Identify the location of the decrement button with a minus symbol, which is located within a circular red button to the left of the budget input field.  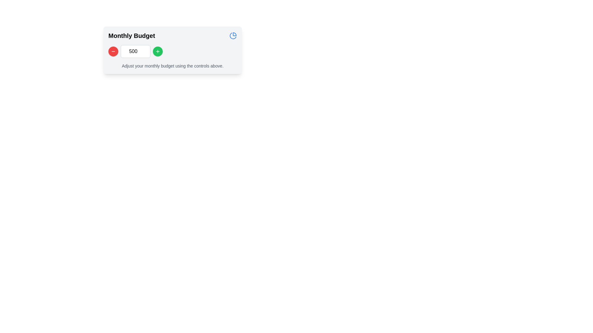
(113, 51).